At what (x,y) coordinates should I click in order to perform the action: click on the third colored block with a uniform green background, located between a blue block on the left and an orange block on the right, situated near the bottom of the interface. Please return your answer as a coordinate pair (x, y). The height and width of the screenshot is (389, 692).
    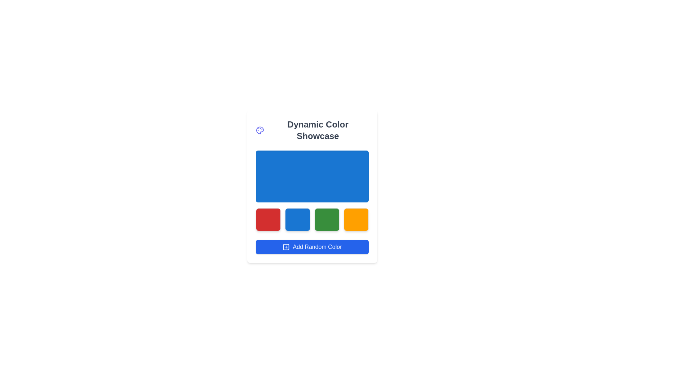
    Looking at the image, I should click on (327, 219).